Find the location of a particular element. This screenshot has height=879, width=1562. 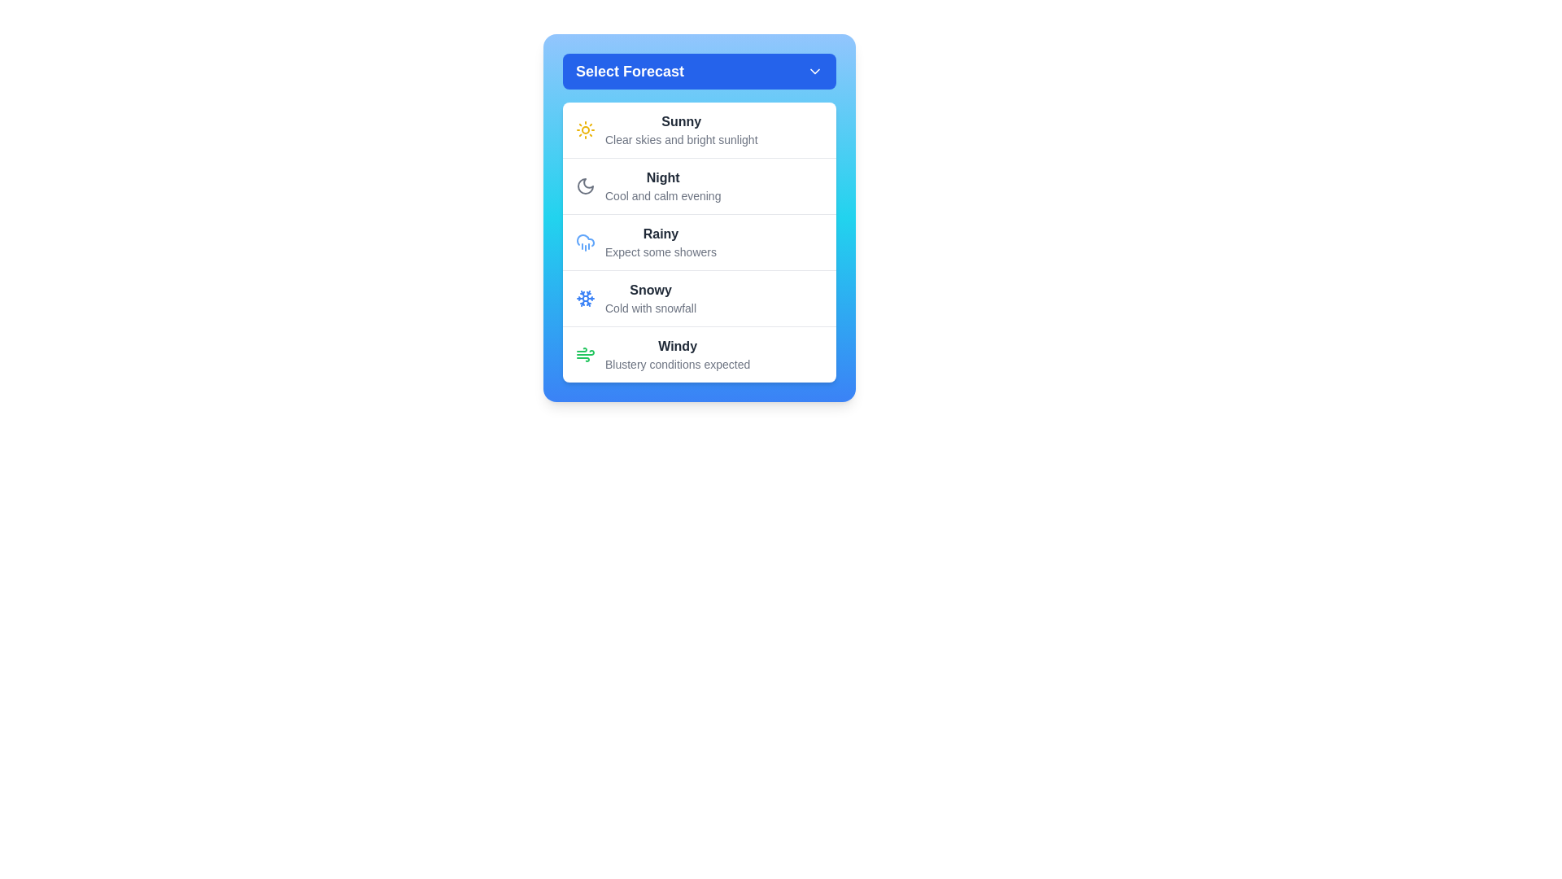

the list item displaying the weather forecast option with the bold text 'Sunny' and lighter text 'Clear skies and bright sunlight' is located at coordinates (681, 129).